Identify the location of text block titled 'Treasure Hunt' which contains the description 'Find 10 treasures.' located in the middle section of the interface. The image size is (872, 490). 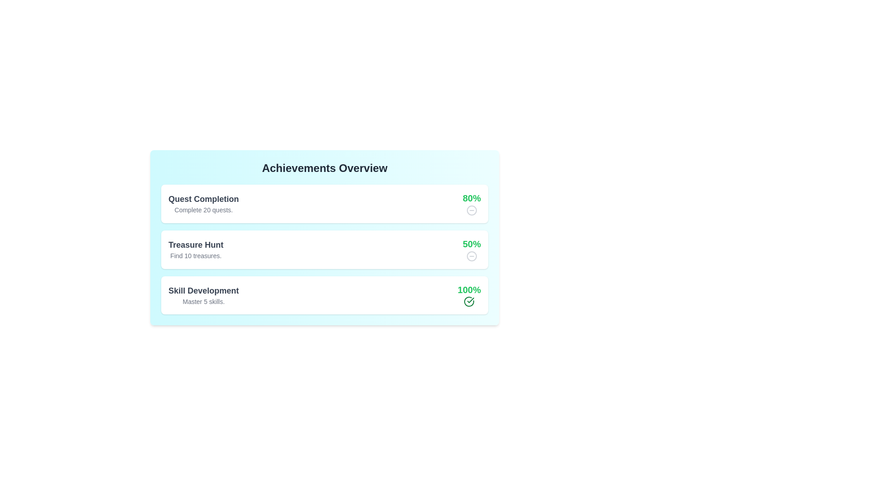
(195, 250).